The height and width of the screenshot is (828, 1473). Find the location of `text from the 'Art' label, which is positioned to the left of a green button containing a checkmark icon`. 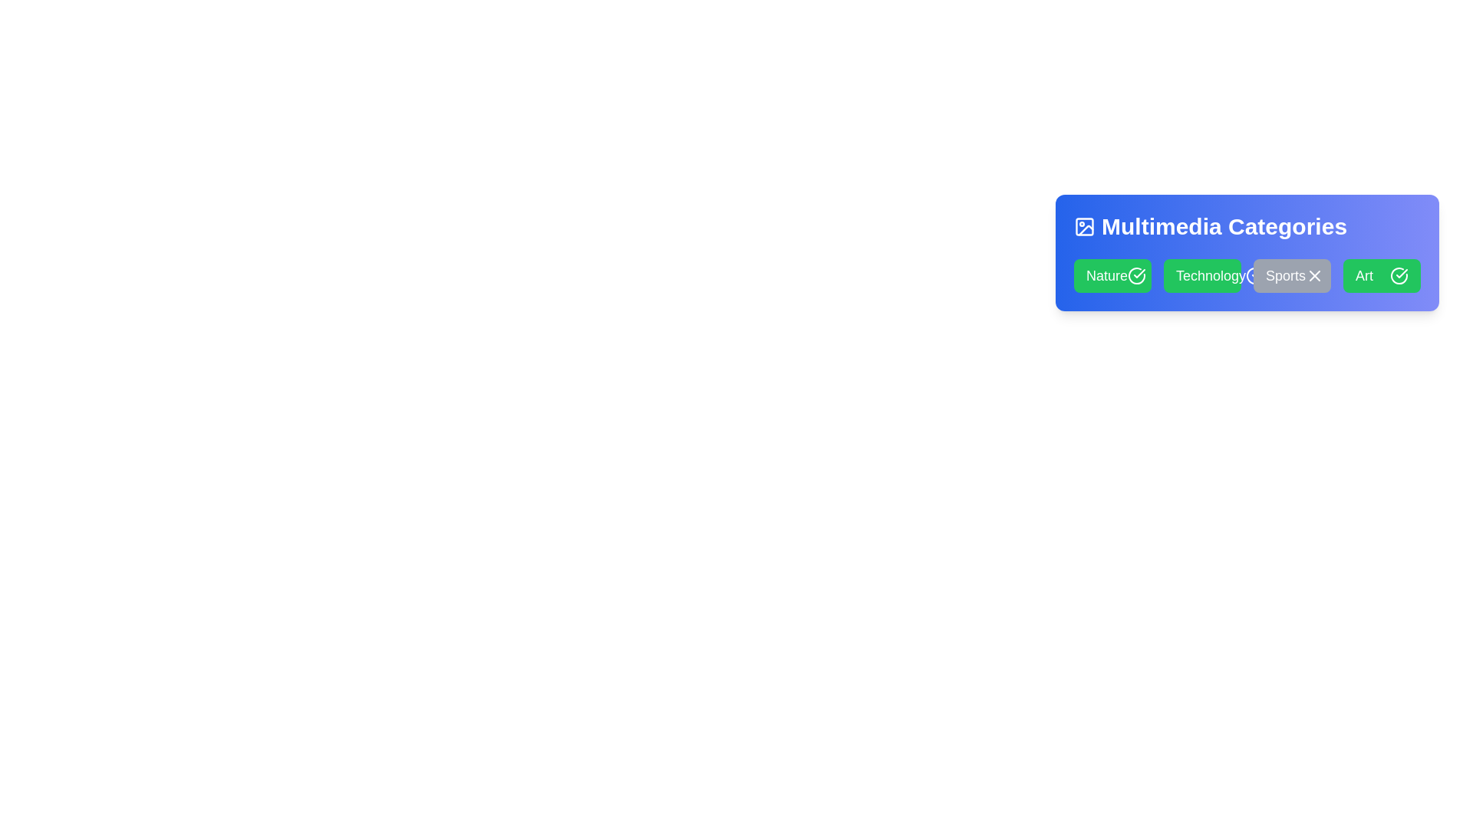

text from the 'Art' label, which is positioned to the left of a green button containing a checkmark icon is located at coordinates (1364, 274).